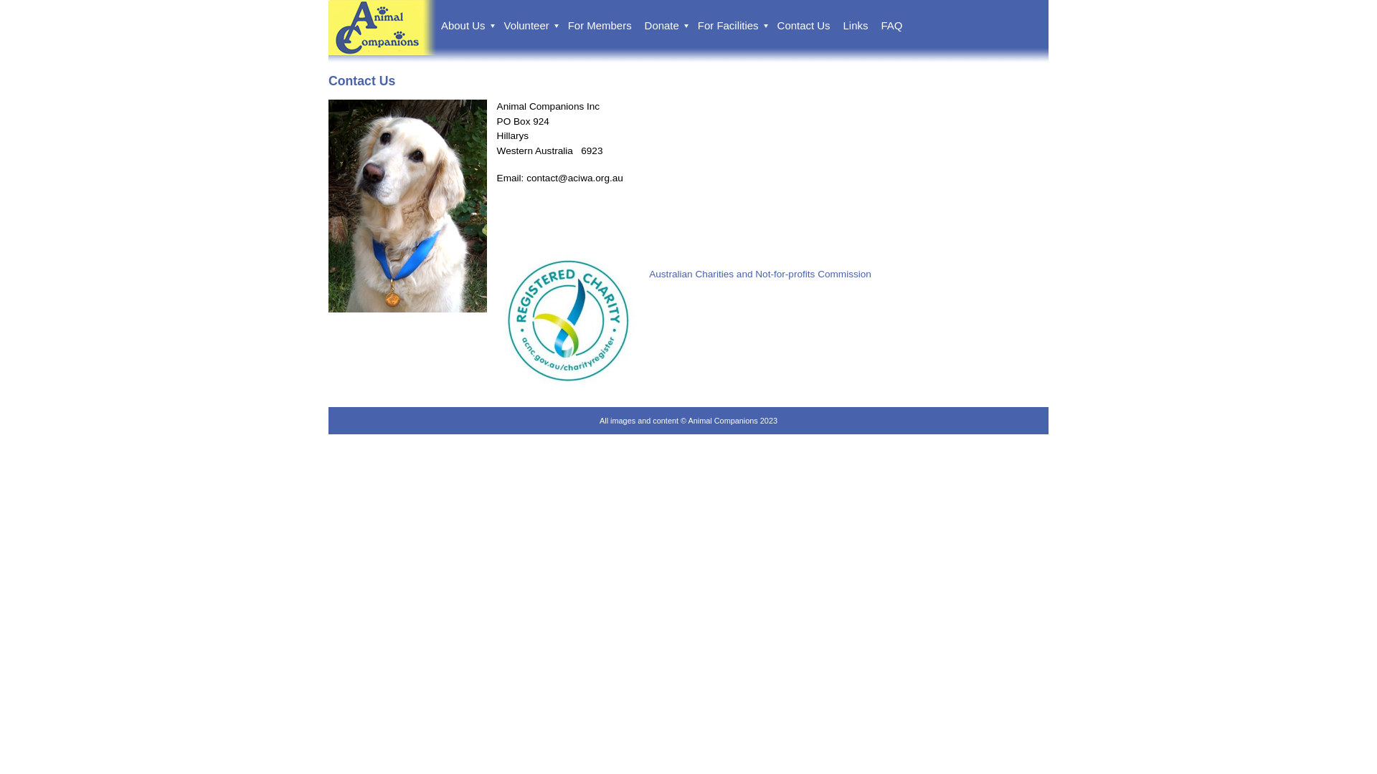  I want to click on 'Volunteer', so click(530, 25).